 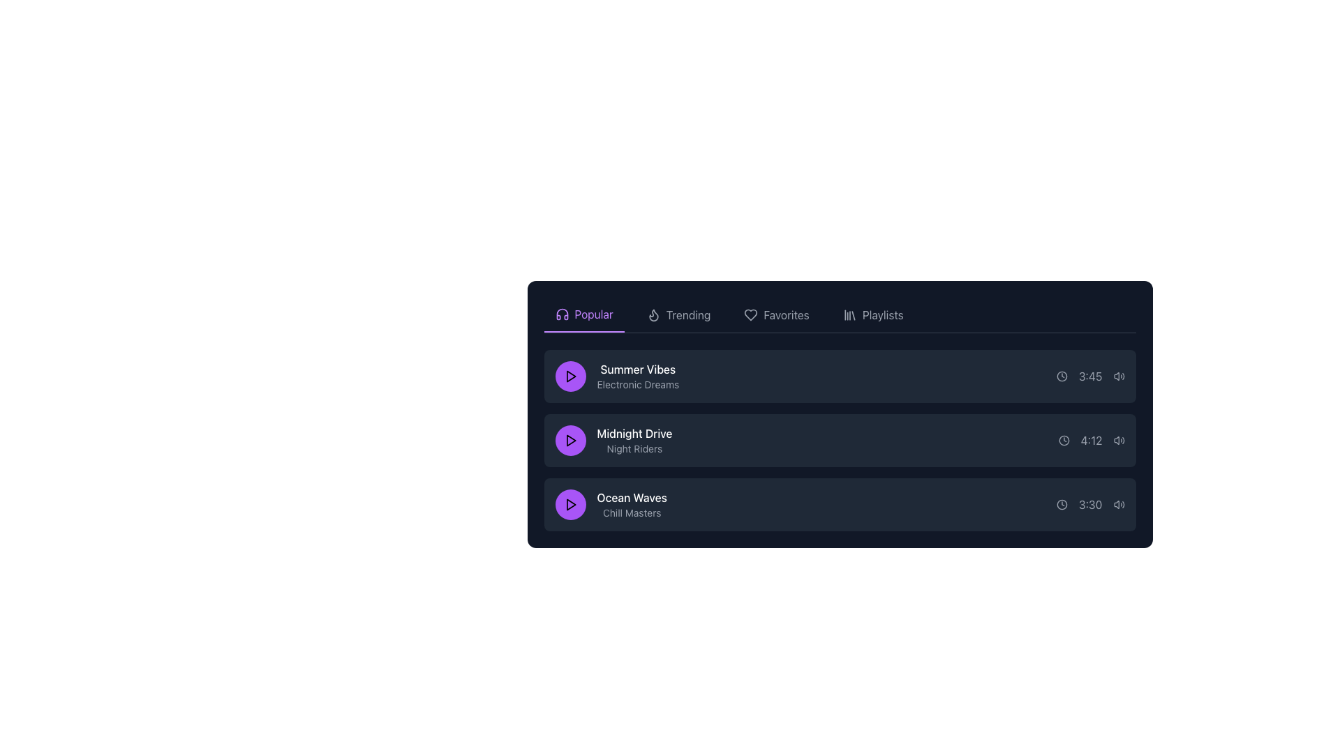 I want to click on the text block that displays 'Summer Vibes' in white bold text and 'Electronic Dreams' in smaller gray text, located to the right of the circular play button, so click(x=637, y=376).